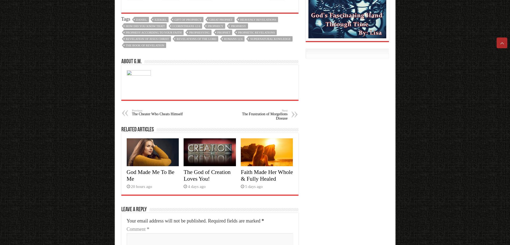  I want to click on 'Leave a Reply', so click(134, 209).